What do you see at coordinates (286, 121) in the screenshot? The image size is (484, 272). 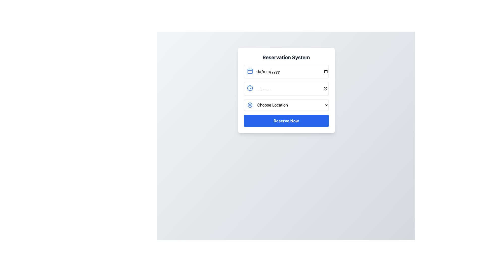 I see `the 'Reserve Now' button with a bold blue background` at bounding box center [286, 121].